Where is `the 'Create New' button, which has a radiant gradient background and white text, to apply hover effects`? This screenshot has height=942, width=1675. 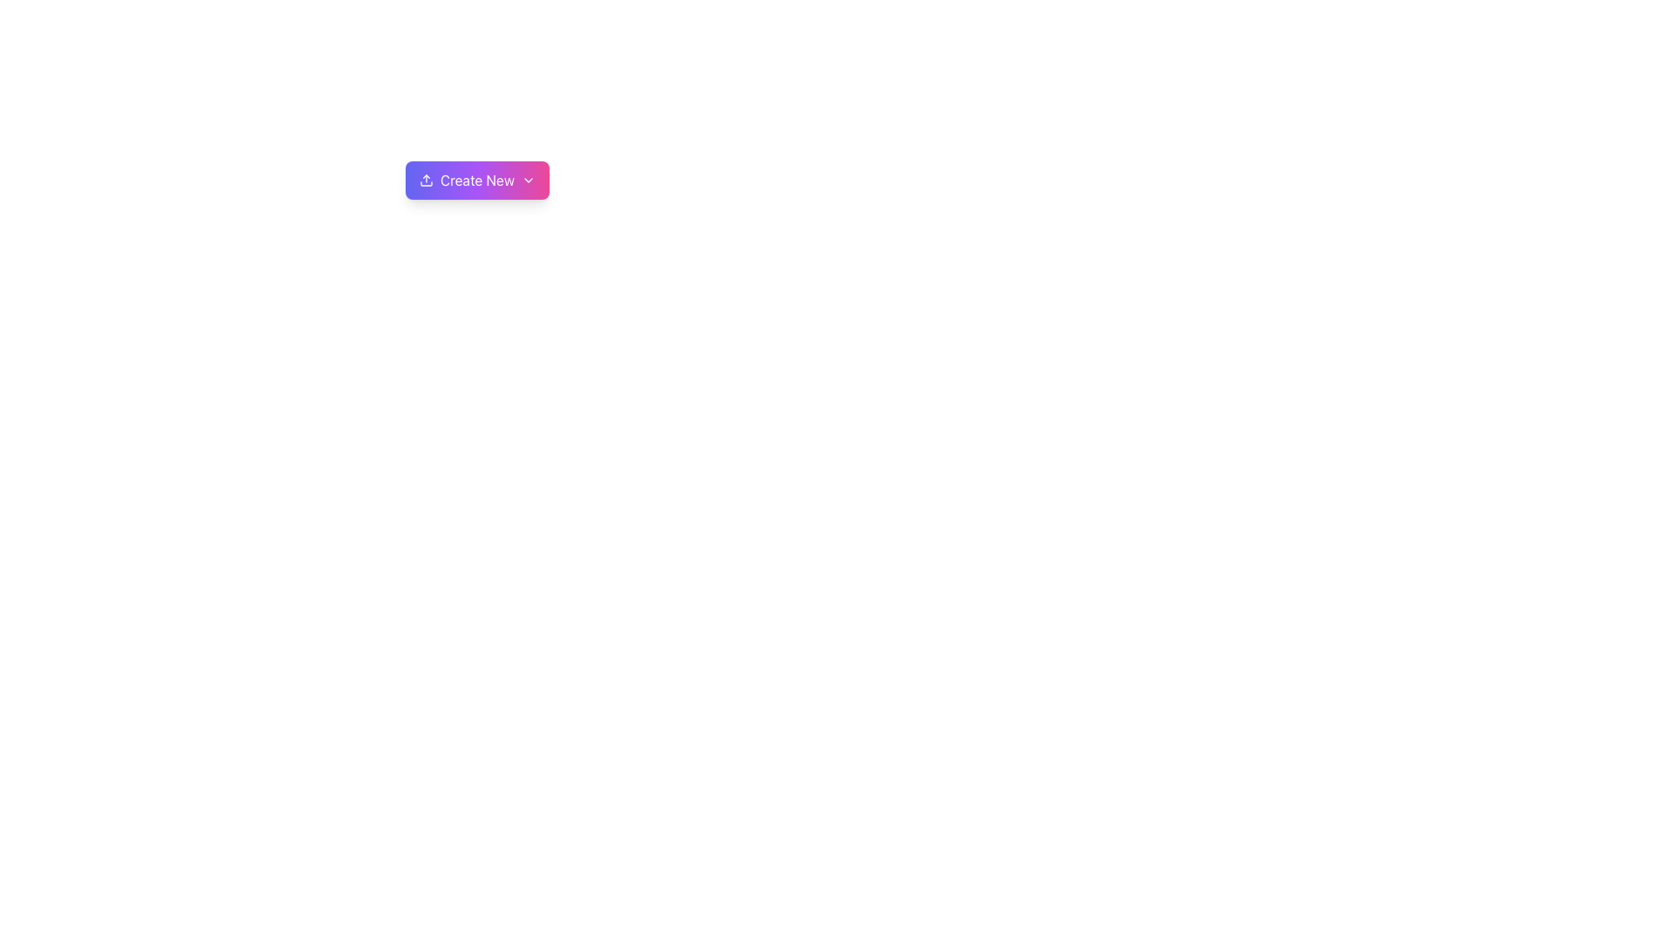
the 'Create New' button, which has a radiant gradient background and white text, to apply hover effects is located at coordinates (477, 181).